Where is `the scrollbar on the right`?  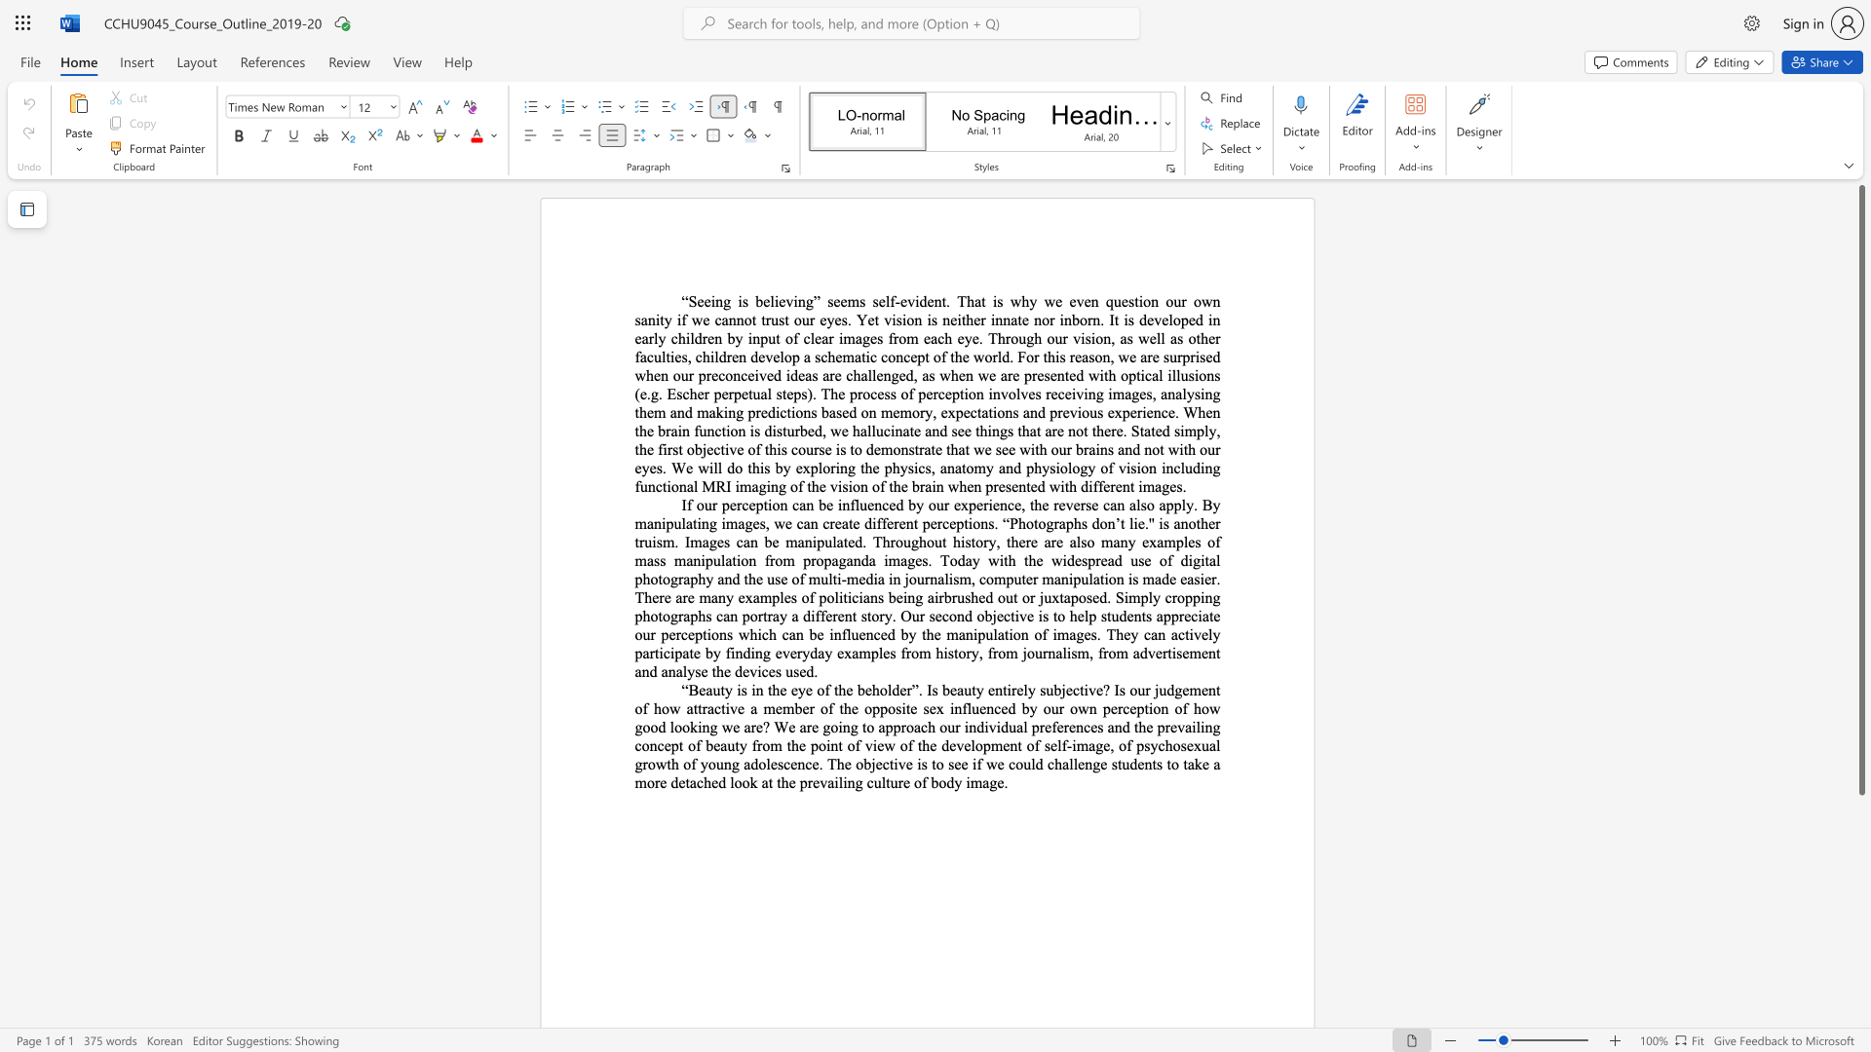 the scrollbar on the right is located at coordinates (1860, 846).